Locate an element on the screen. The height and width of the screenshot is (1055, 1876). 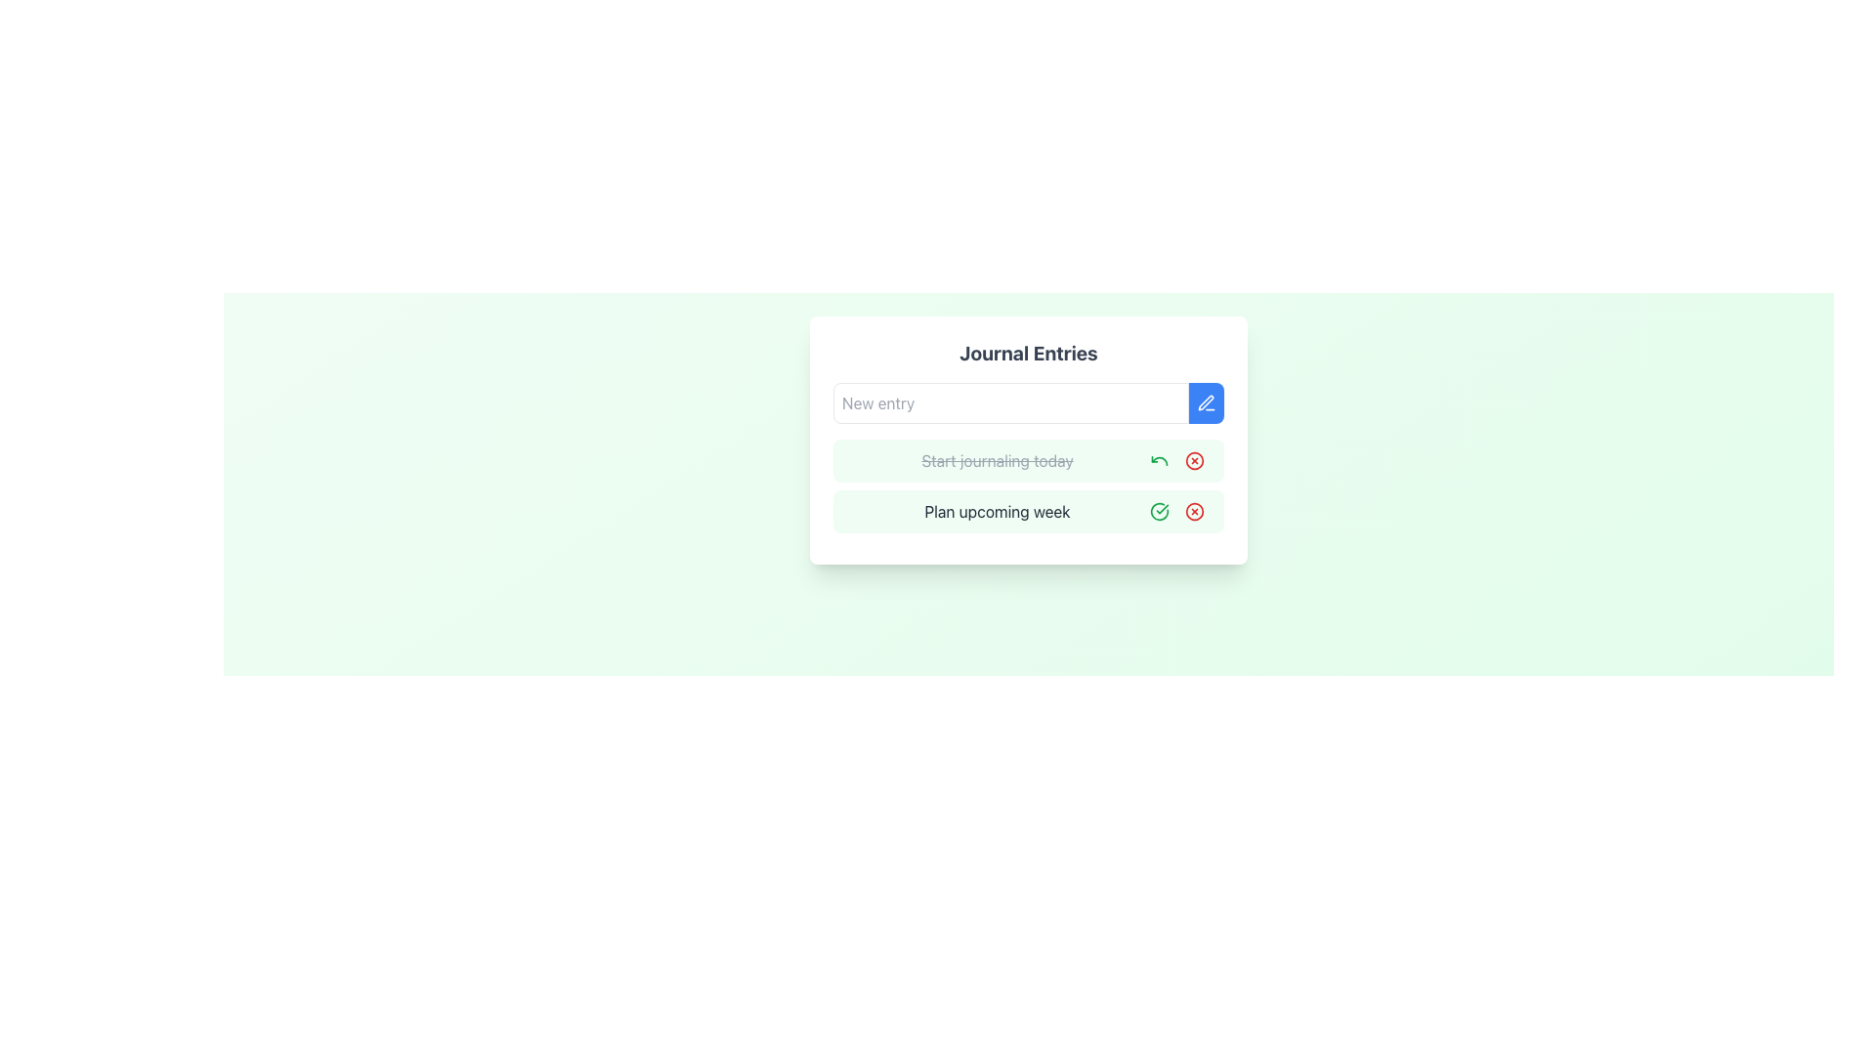
the pen-like Icon Button adjacent to the 'New entry' text box in the 'Journal Entries' panel is located at coordinates (1205, 401).